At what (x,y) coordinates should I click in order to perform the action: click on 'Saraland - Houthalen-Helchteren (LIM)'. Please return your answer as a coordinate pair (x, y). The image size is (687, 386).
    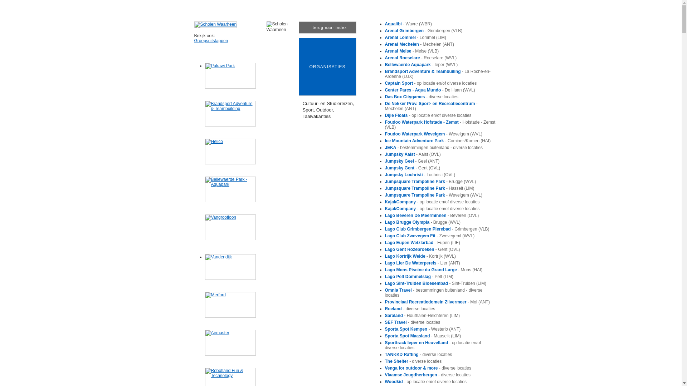
    Looking at the image, I should click on (422, 315).